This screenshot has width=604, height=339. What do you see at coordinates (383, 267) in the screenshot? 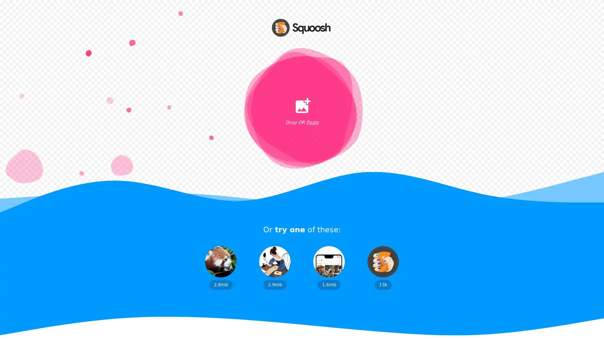
I see `SVG icon 13k` at bounding box center [383, 267].